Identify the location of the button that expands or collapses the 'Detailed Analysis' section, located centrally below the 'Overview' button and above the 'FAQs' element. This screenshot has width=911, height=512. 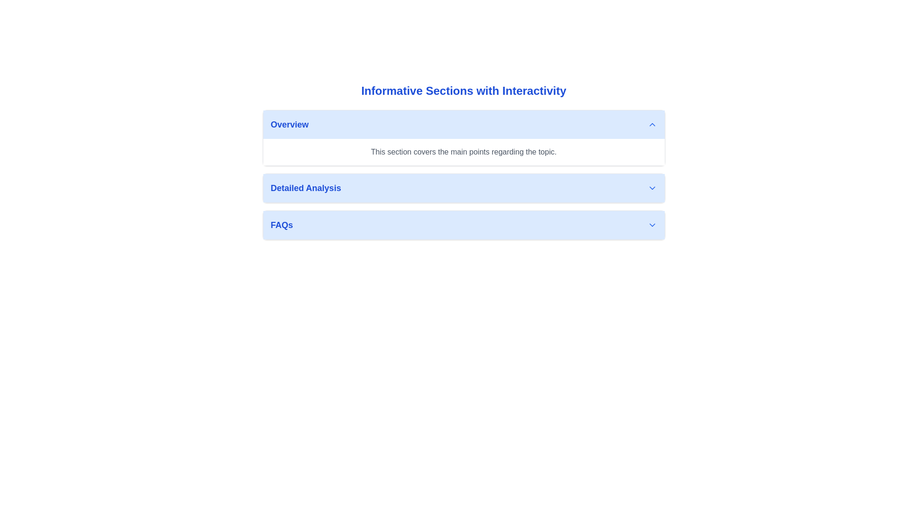
(464, 188).